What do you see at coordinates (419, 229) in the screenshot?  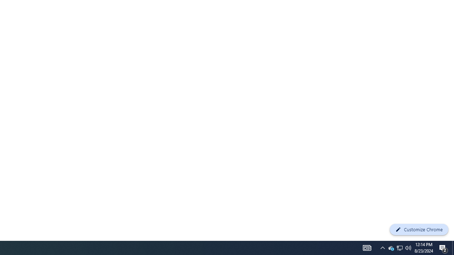 I see `'Customize Chrome'` at bounding box center [419, 229].